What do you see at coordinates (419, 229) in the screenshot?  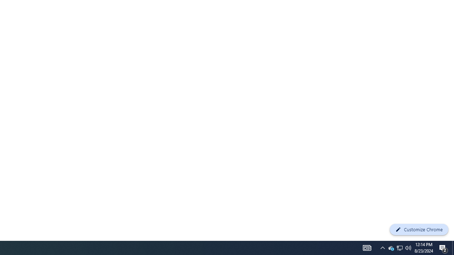 I see `'Customize Chrome'` at bounding box center [419, 229].